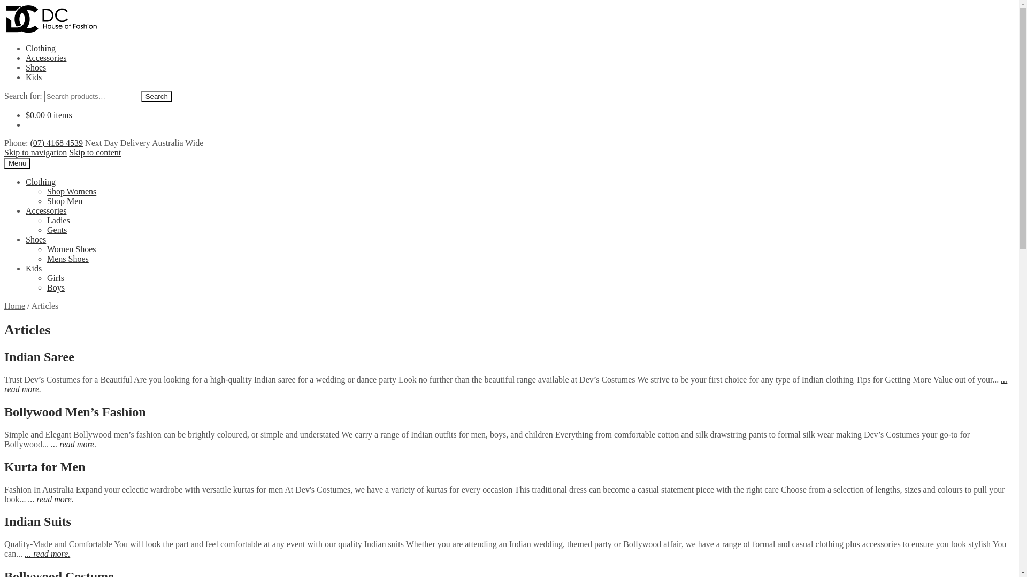  What do you see at coordinates (71, 191) in the screenshot?
I see `'Shop Womens'` at bounding box center [71, 191].